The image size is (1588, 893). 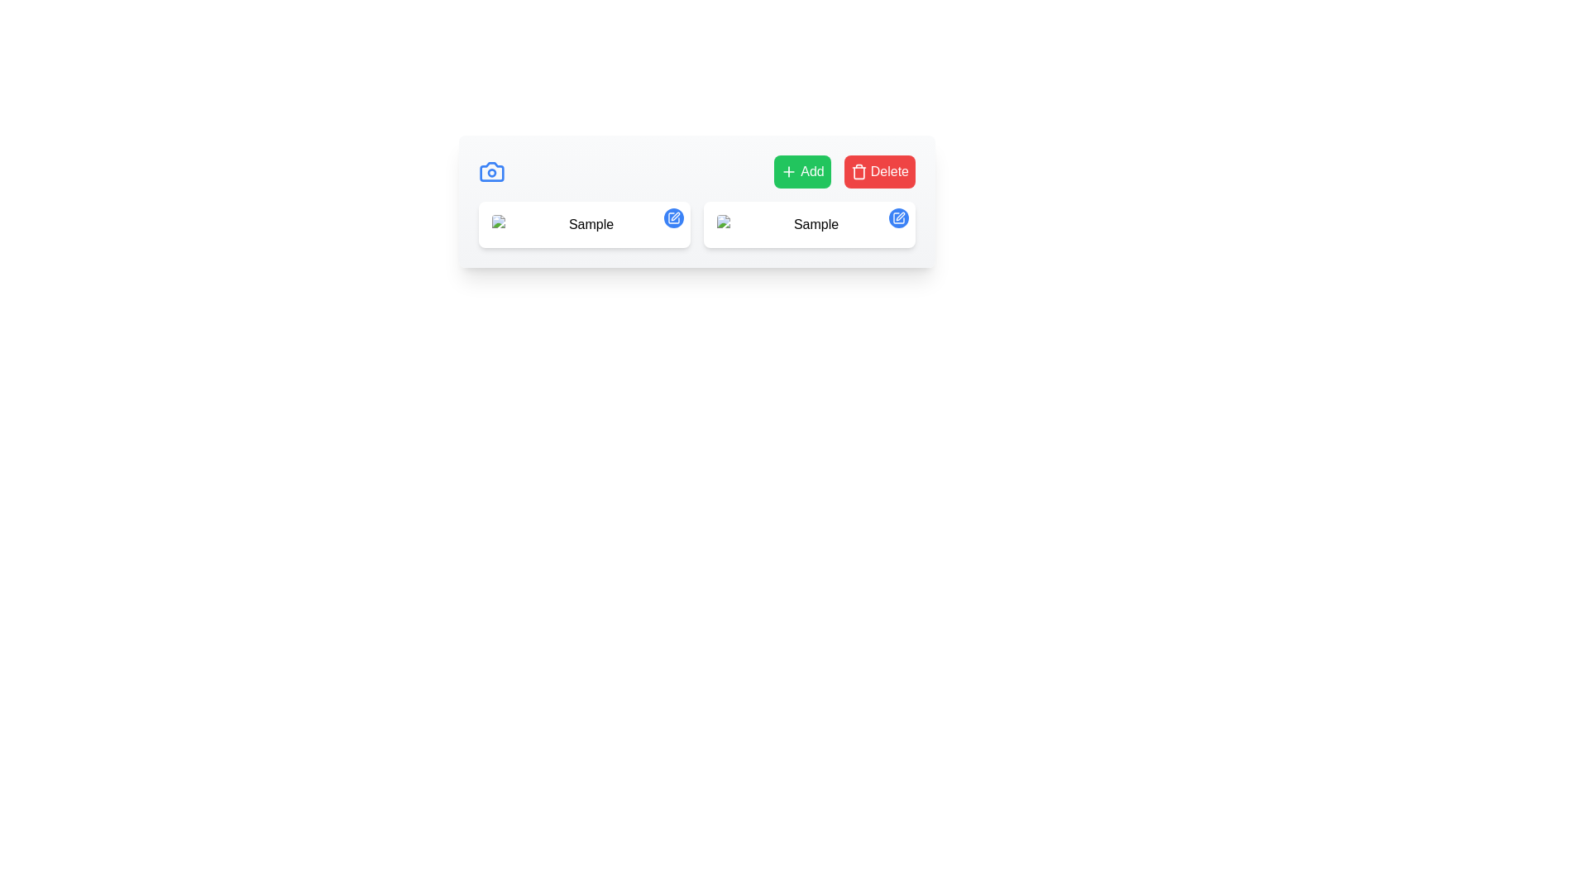 What do you see at coordinates (491, 172) in the screenshot?
I see `the appearance of the camera icon, which is styled with a blue outline and located prominently near the top-left corner of the interface` at bounding box center [491, 172].